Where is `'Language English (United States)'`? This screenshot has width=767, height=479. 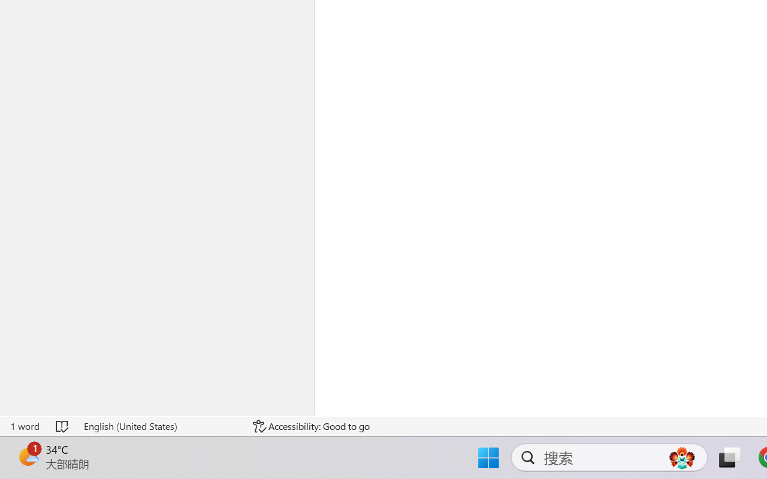
'Language English (United States)' is located at coordinates (159, 426).